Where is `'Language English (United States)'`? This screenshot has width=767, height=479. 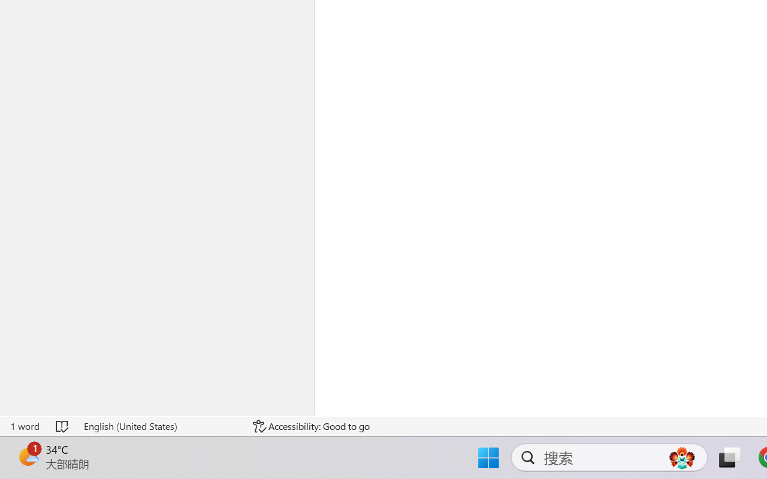
'Language English (United States)' is located at coordinates (159, 426).